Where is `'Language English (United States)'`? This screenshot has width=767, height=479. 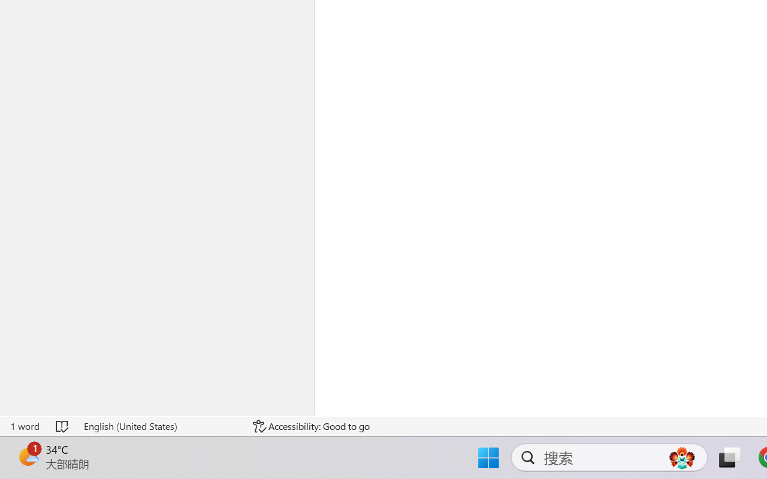
'Language English (United States)' is located at coordinates (159, 426).